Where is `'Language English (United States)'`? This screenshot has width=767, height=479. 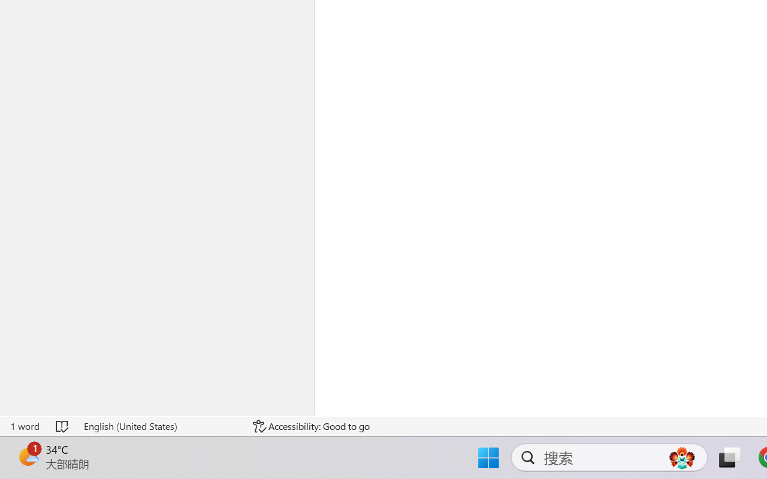
'Language English (United States)' is located at coordinates (159, 426).